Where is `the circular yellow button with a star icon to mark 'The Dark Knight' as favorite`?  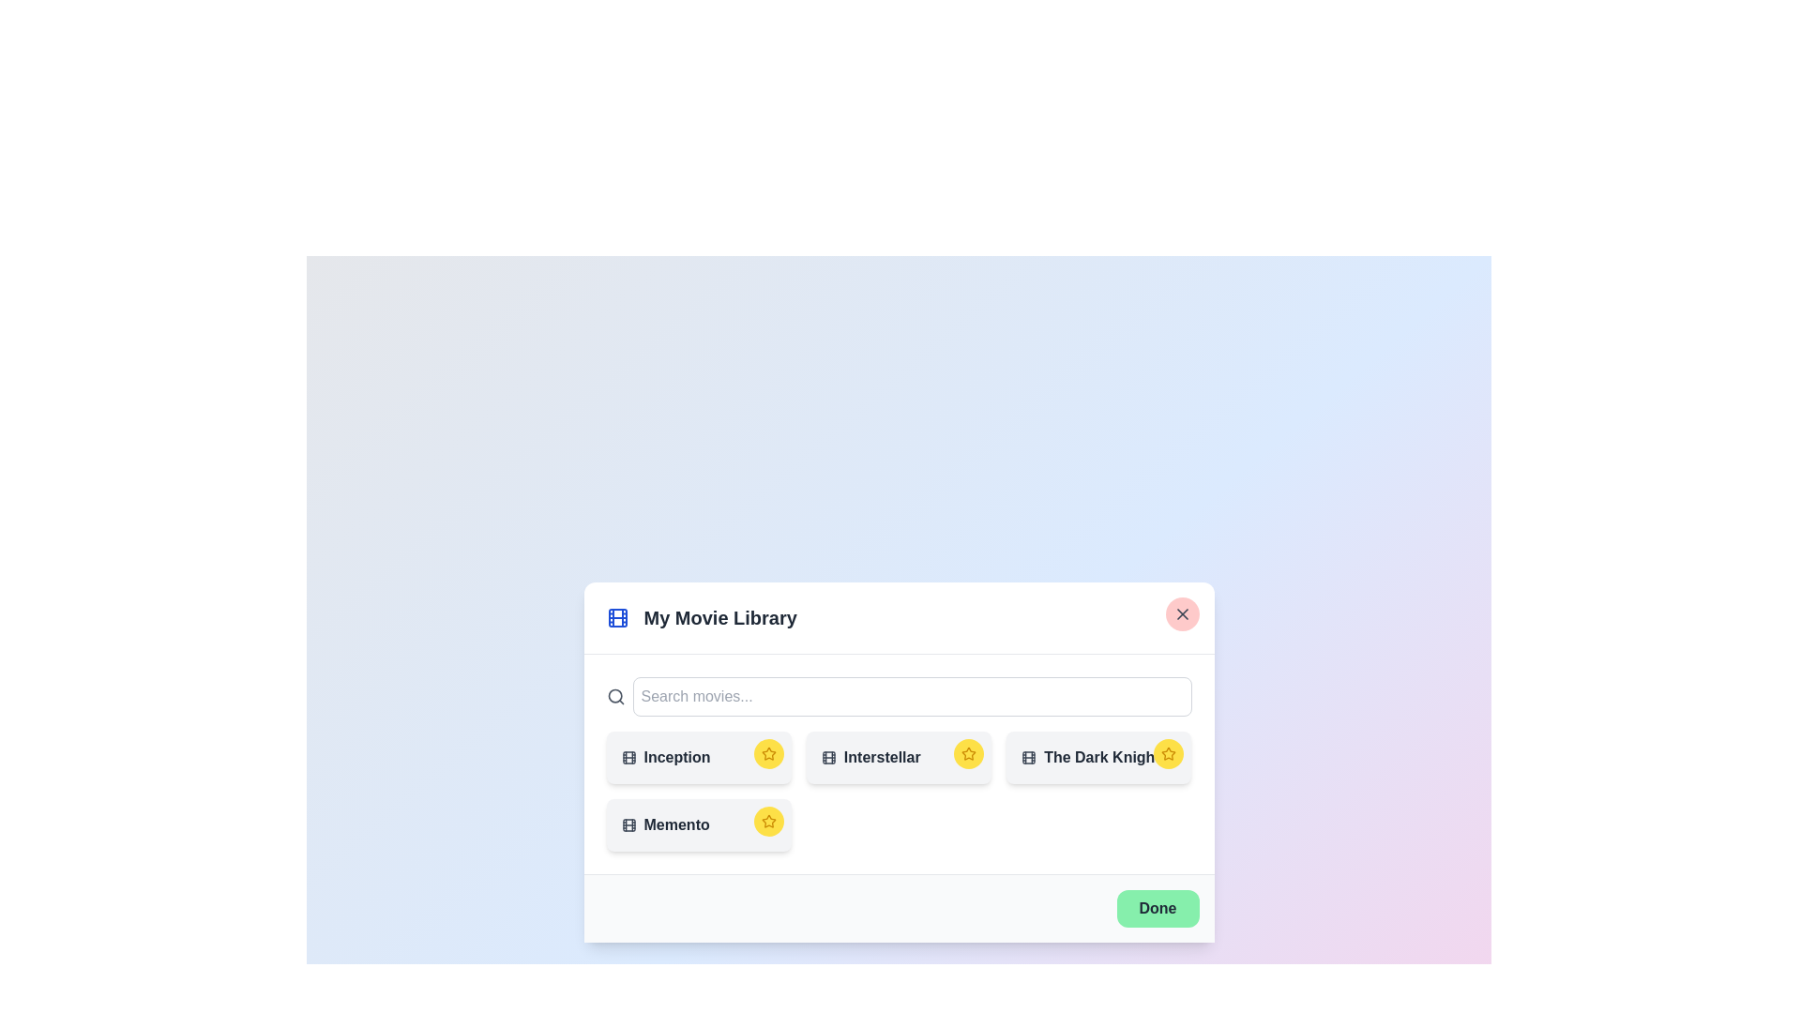
the circular yellow button with a star icon to mark 'The Dark Knight' as favorite is located at coordinates (1168, 752).